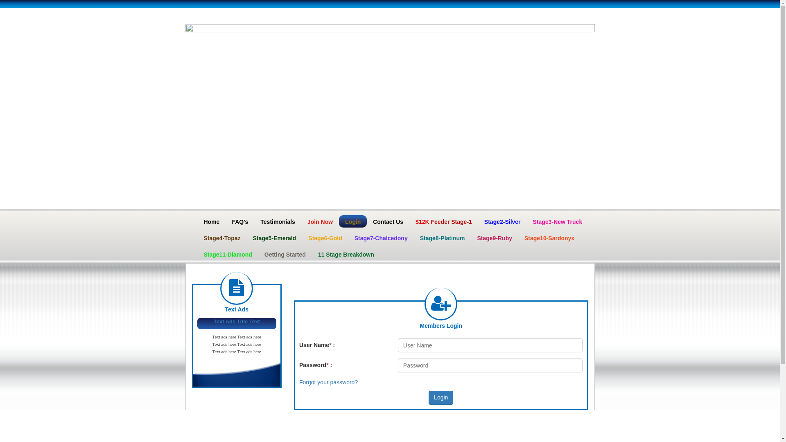 This screenshot has width=786, height=442. I want to click on 'Stage6-Gold', so click(324, 238).